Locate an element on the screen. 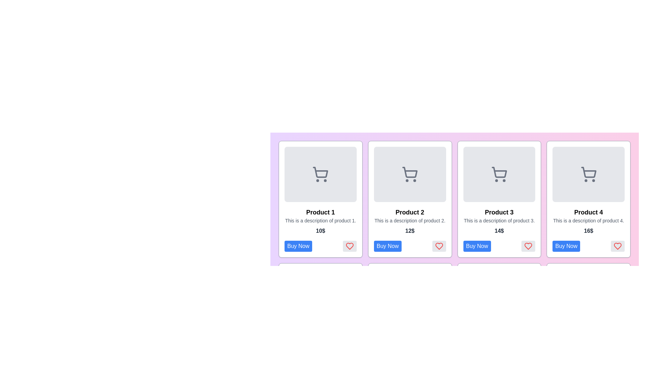 This screenshot has height=373, width=663. the favorite icon located at the bottom-right side of the product card for 'Product 2' to mark or unmark it as a favorite is located at coordinates (439, 246).